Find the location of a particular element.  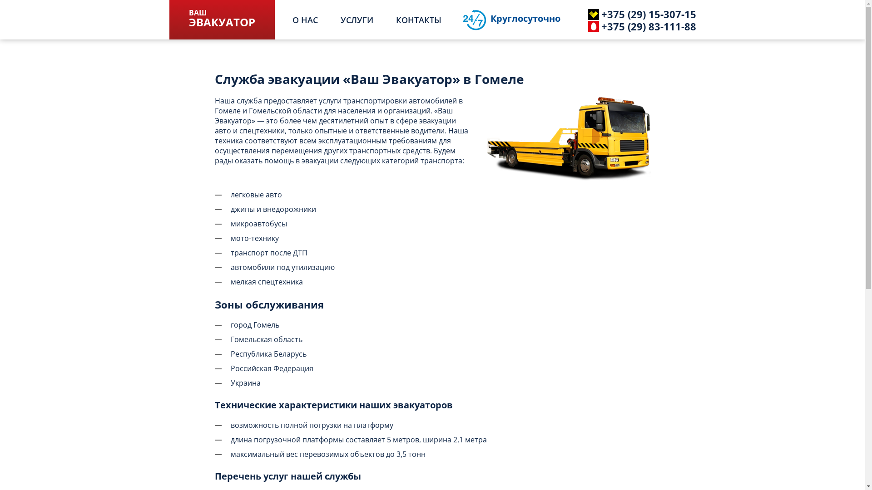

'+375 (29) 15-307-15' is located at coordinates (629, 14).